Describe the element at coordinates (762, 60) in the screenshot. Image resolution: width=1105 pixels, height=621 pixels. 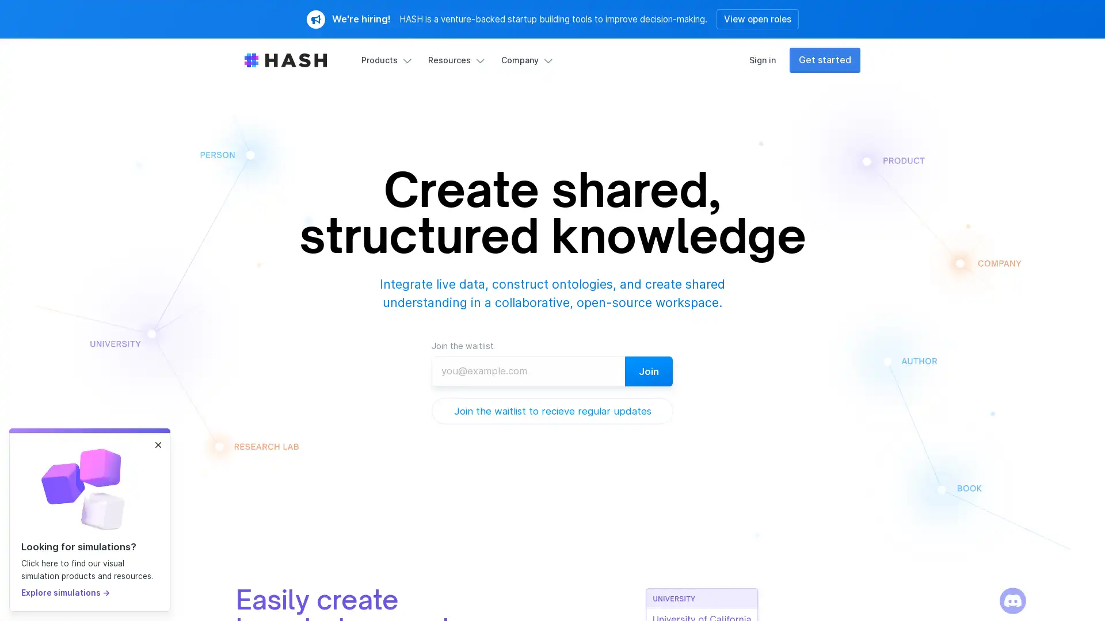
I see `Sign in` at that location.